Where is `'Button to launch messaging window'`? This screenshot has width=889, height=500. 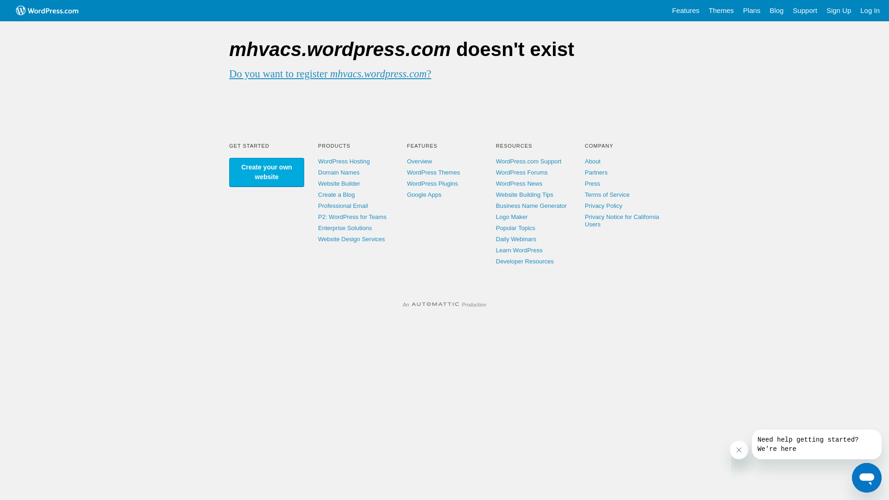 'Button to launch messaging window' is located at coordinates (851, 478).